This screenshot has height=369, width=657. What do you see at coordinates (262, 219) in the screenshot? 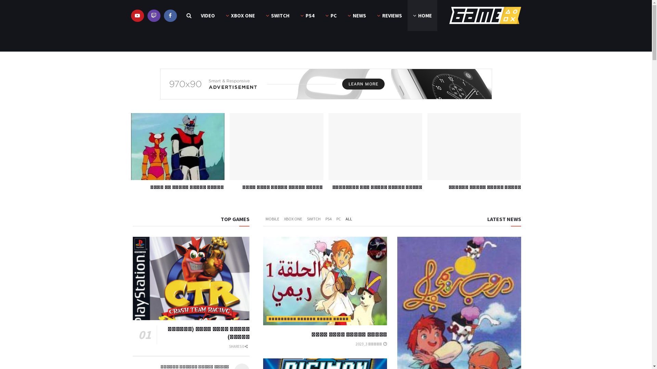
I see `'MOBILE'` at bounding box center [262, 219].